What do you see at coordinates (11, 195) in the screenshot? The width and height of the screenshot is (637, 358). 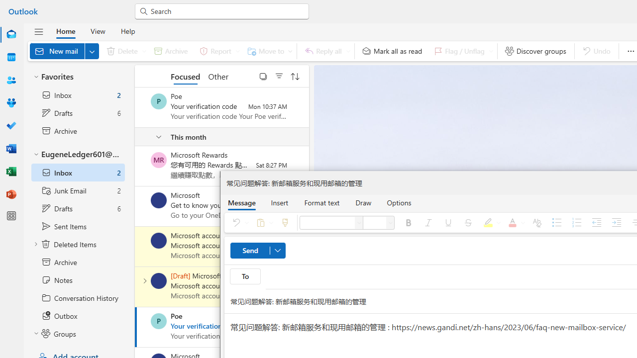 I see `'PowerPoint'` at bounding box center [11, 195].